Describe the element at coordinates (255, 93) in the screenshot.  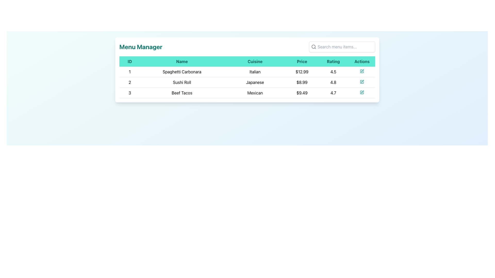
I see `the text label displaying 'Mexican' in the 'Cuisine' column of the third row in the table` at that location.